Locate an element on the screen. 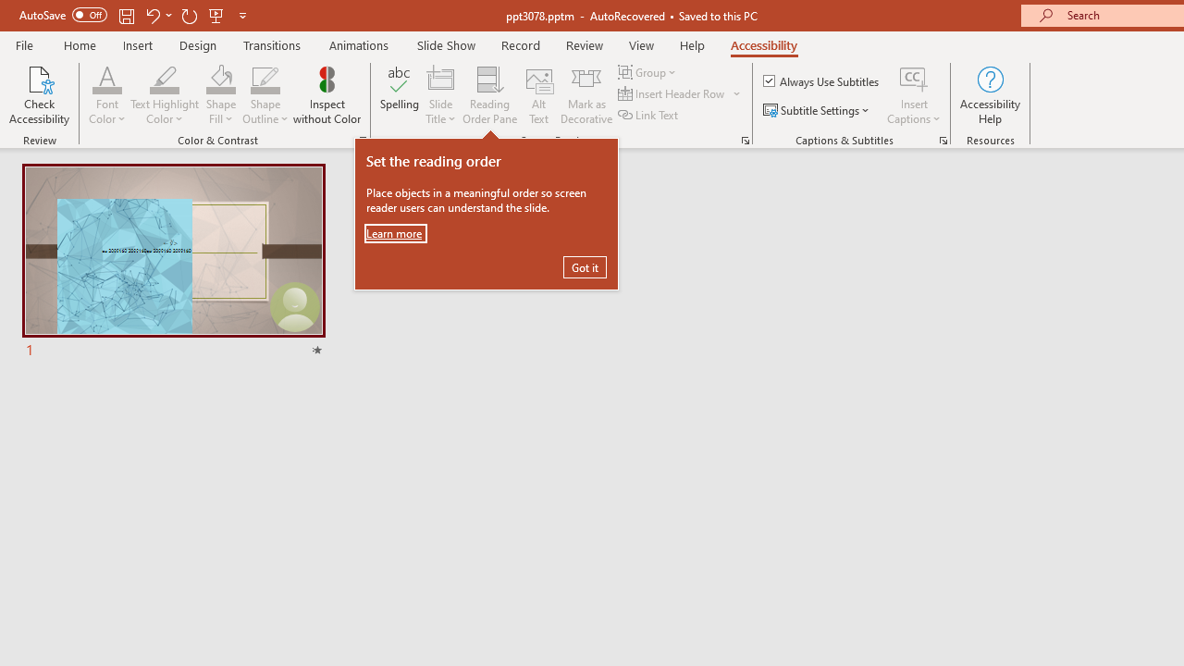  'Insert Captions' is located at coordinates (914, 78).